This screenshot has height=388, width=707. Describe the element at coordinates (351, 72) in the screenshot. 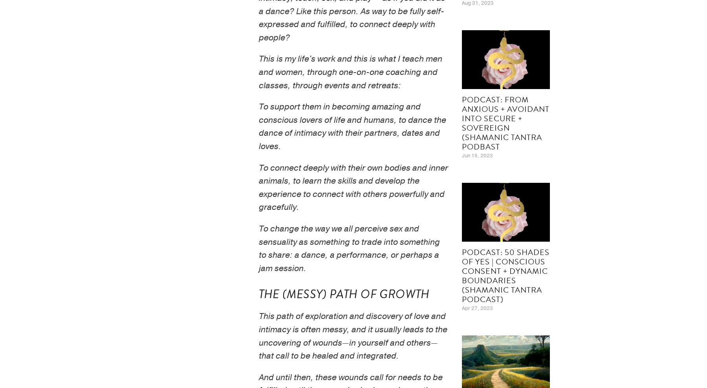

I see `'This is my life's work and this is what I teach men and women, through one-on-one coaching and classes, through events and retreats:'` at that location.